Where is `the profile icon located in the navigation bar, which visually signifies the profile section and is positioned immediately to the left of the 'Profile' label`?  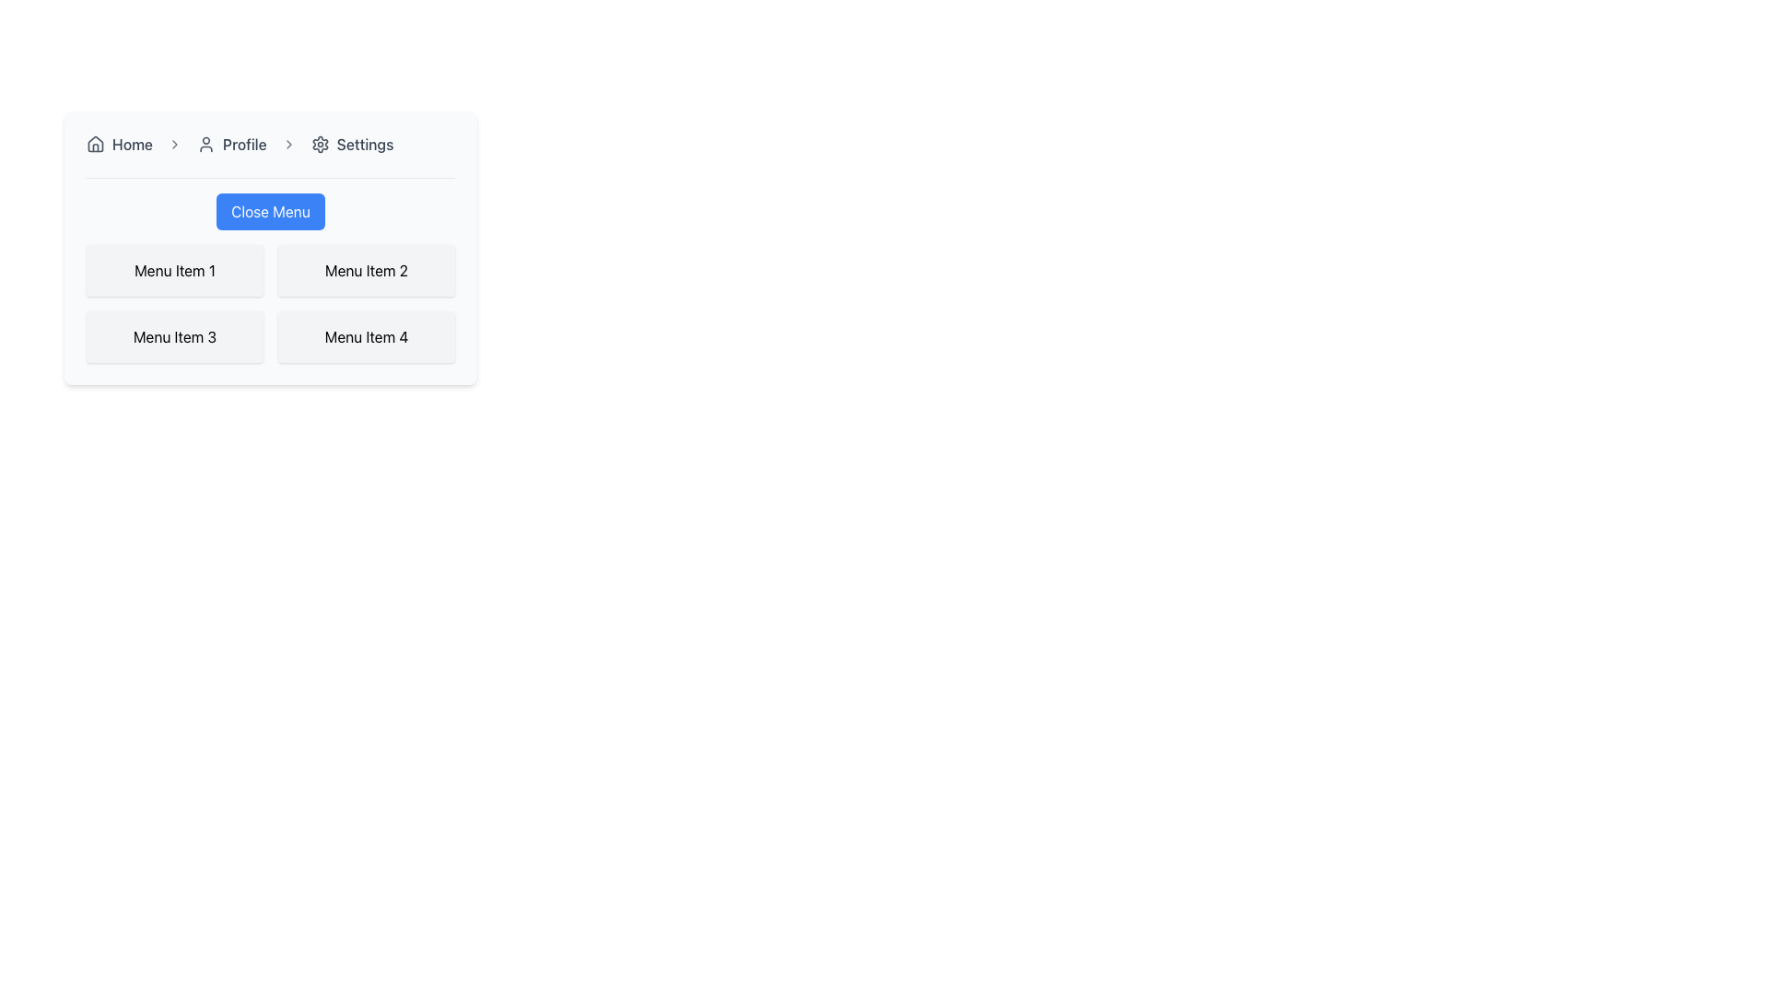
the profile icon located in the navigation bar, which visually signifies the profile section and is positioned immediately to the left of the 'Profile' label is located at coordinates (206, 144).